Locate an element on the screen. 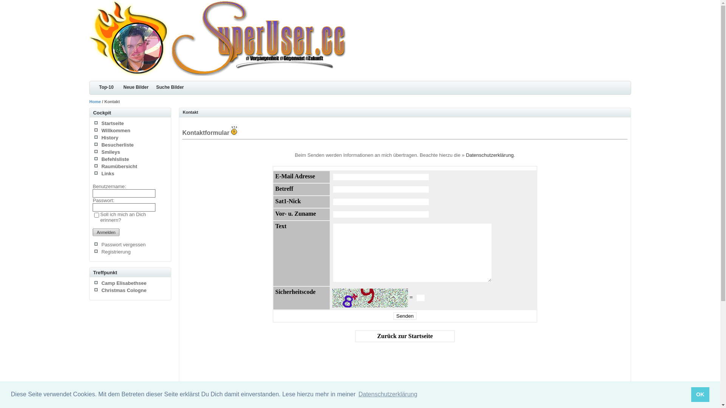  'Christmas Cologne' is located at coordinates (124, 290).